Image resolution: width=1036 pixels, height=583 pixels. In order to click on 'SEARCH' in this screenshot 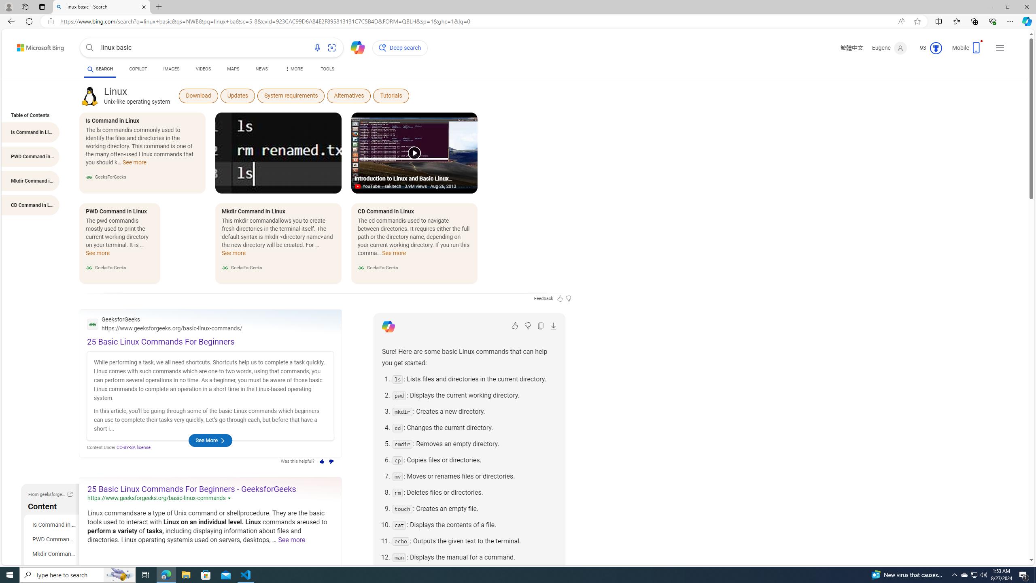, I will do `click(100, 68)`.